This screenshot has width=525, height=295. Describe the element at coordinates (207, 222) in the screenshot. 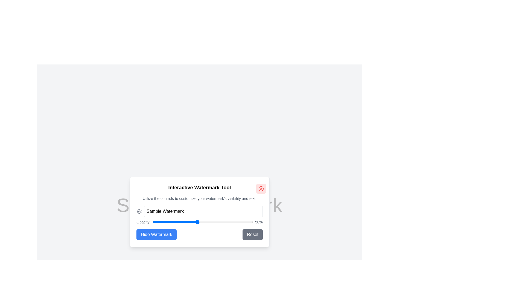

I see `the opacity` at that location.